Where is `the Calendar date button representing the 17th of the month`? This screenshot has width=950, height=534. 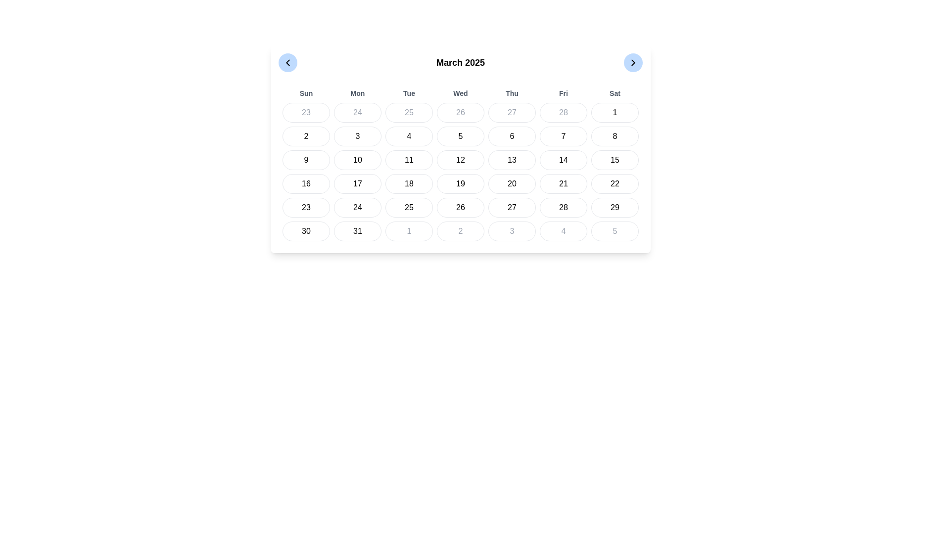
the Calendar date button representing the 17th of the month is located at coordinates (357, 183).